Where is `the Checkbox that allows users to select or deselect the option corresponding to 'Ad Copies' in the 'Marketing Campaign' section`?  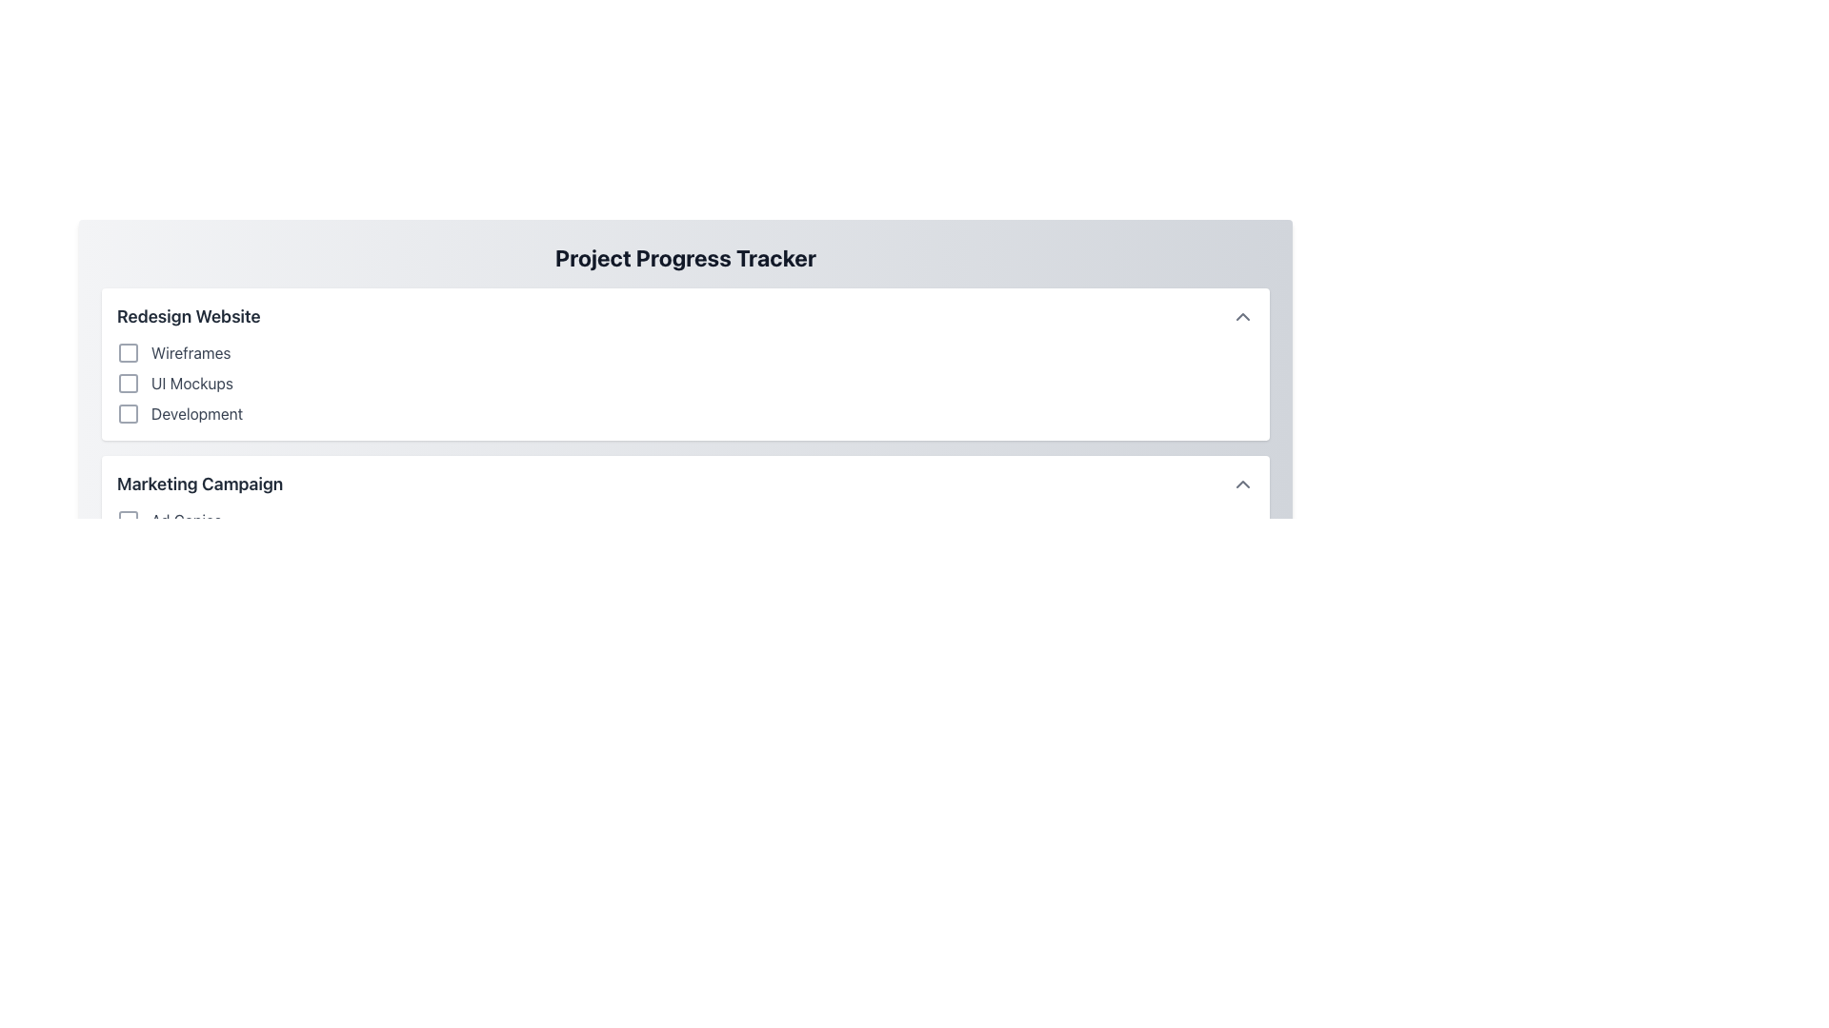
the Checkbox that allows users to select or deselect the option corresponding to 'Ad Copies' in the 'Marketing Campaign' section is located at coordinates (127, 521).